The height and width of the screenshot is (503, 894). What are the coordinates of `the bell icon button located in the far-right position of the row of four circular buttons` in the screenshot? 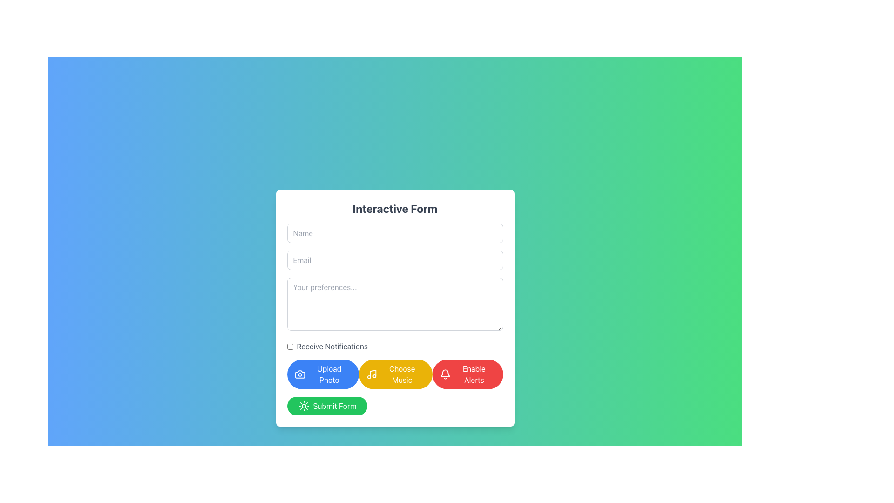 It's located at (445, 373).